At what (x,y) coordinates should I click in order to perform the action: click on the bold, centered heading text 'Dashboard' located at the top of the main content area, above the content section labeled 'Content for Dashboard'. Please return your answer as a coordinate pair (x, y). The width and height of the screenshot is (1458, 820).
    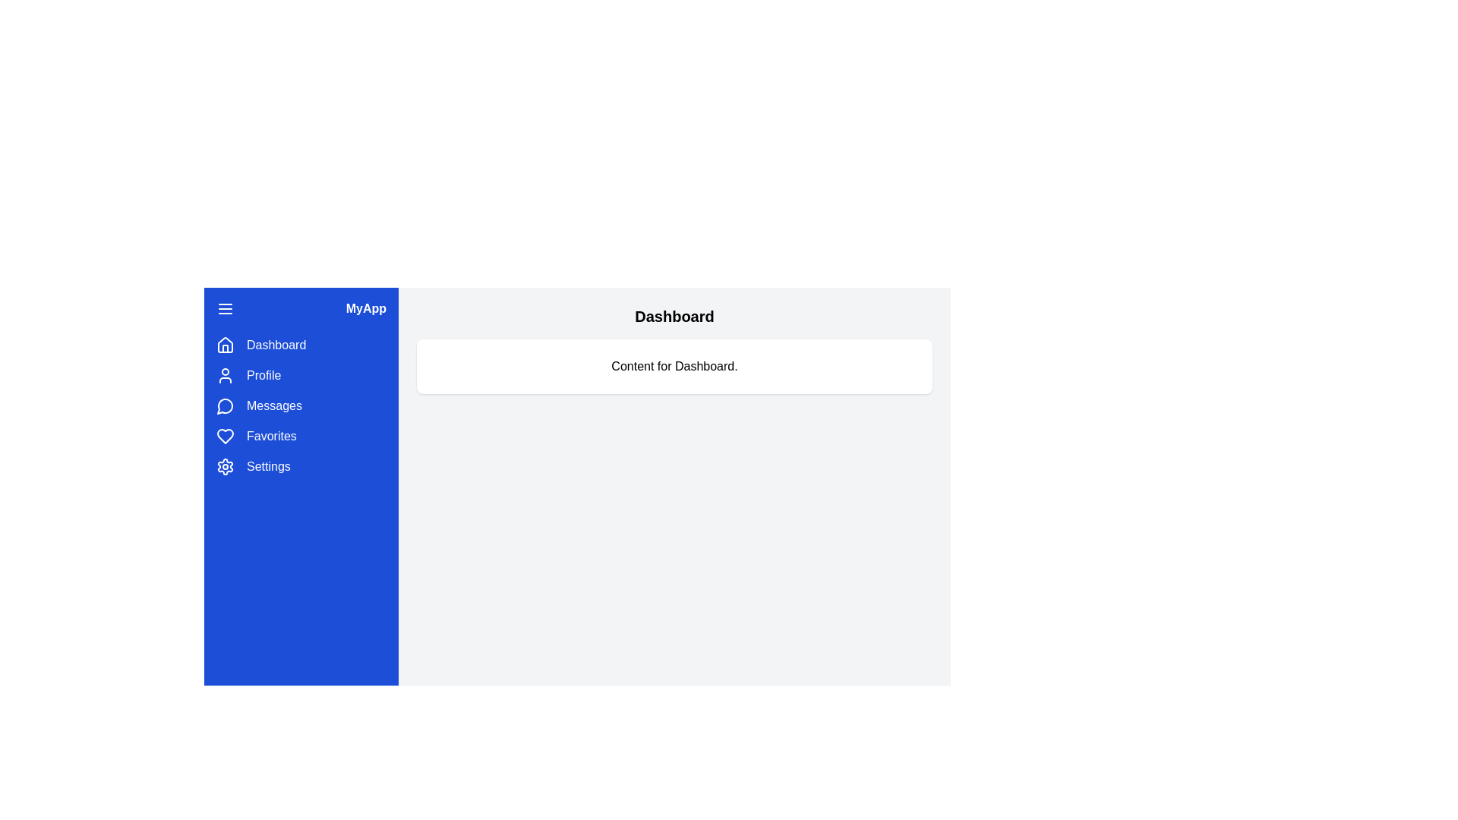
    Looking at the image, I should click on (674, 315).